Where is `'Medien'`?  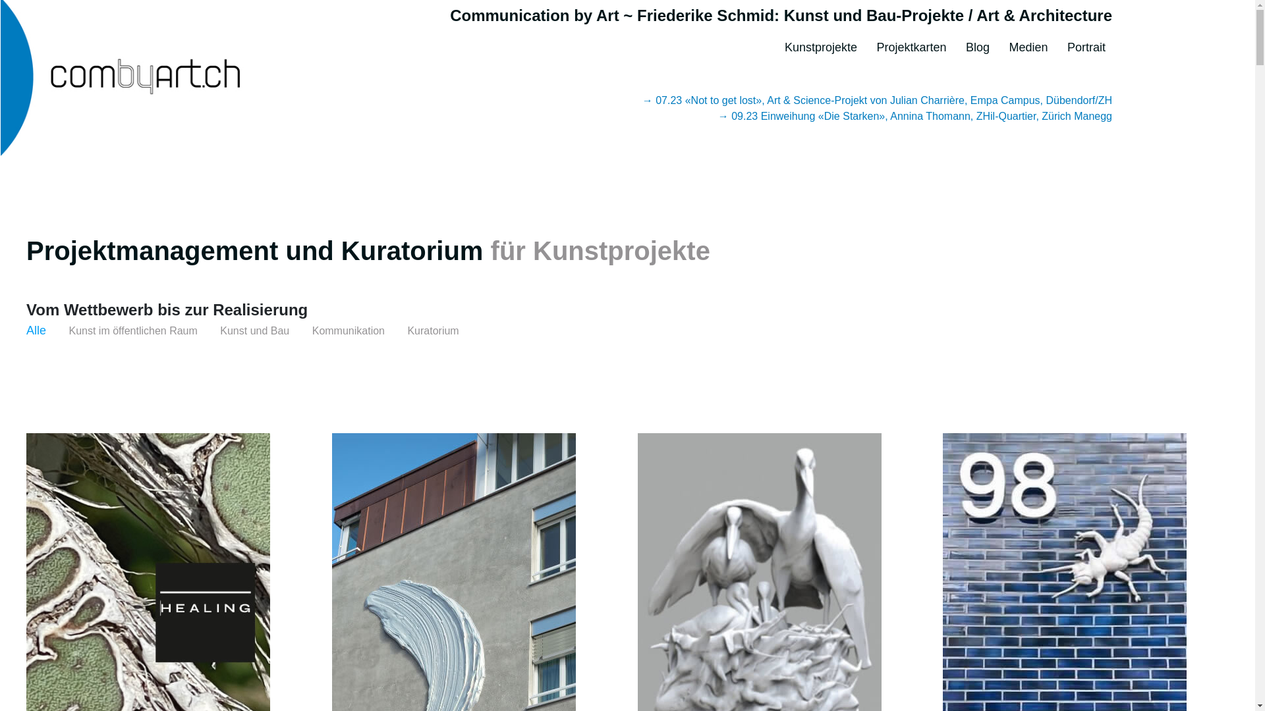
'Medien' is located at coordinates (1008, 42).